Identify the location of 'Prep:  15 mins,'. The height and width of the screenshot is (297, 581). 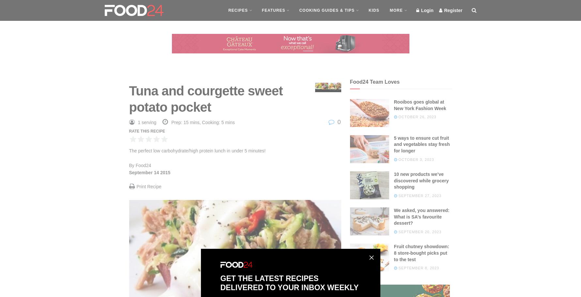
(185, 122).